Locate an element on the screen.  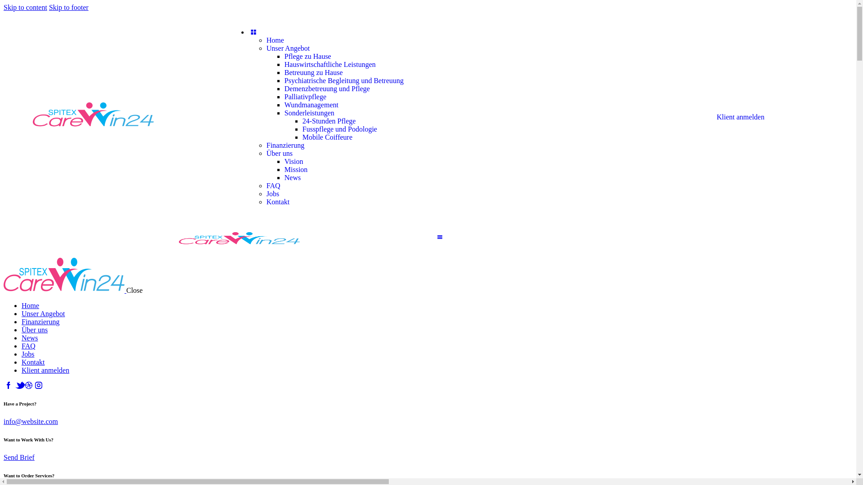
'Fusspflege und Podologie' is located at coordinates (302, 129).